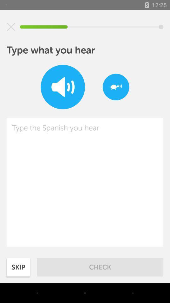  Describe the element at coordinates (100, 267) in the screenshot. I see `item next to skip item` at that location.